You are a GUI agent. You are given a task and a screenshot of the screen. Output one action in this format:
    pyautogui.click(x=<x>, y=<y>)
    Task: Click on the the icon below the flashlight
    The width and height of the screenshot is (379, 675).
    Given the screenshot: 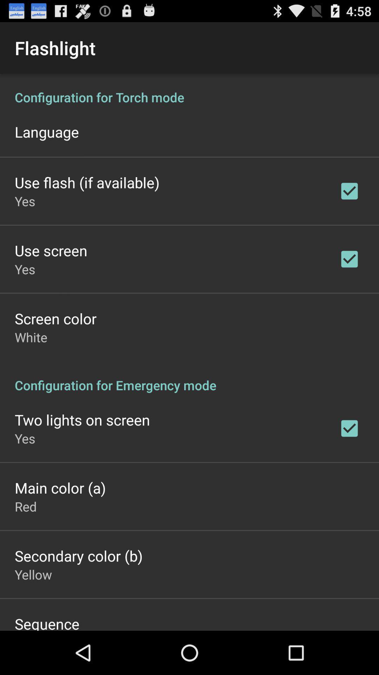 What is the action you would take?
    pyautogui.click(x=189, y=352)
    